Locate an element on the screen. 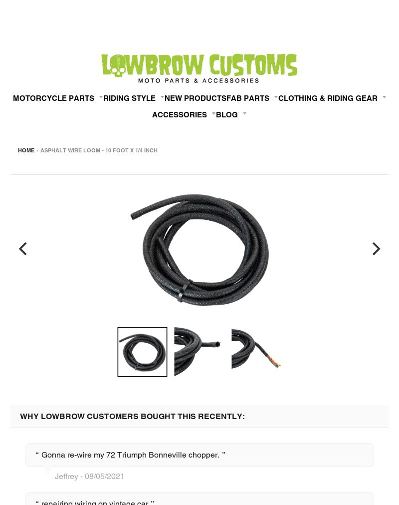 The width and height of the screenshot is (399, 505). '08/19/2020' is located at coordinates (375, 107).